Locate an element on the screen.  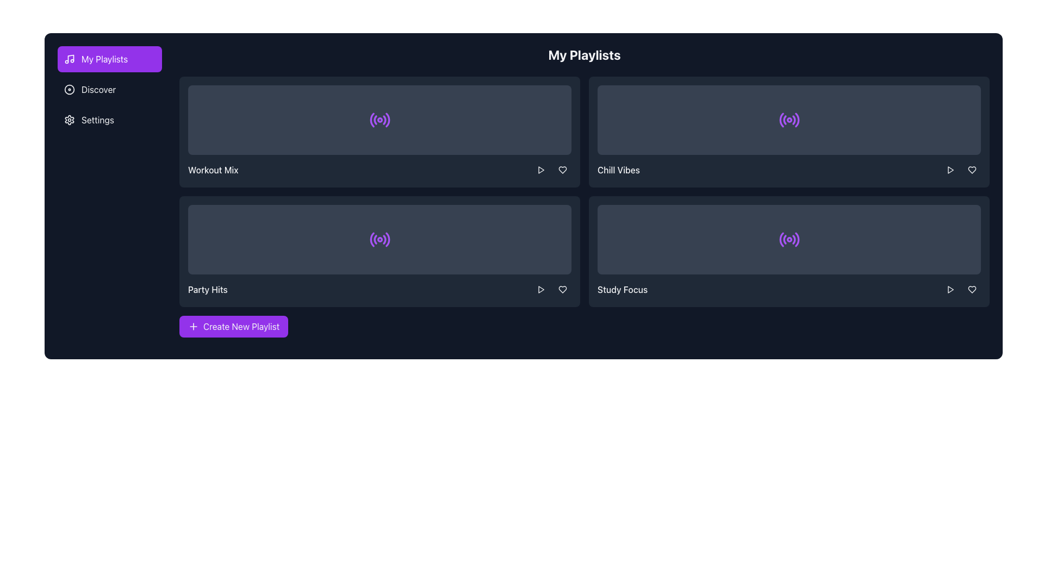
the play button located at the right side of the 'Party Hits' playlist item is located at coordinates (540, 289).